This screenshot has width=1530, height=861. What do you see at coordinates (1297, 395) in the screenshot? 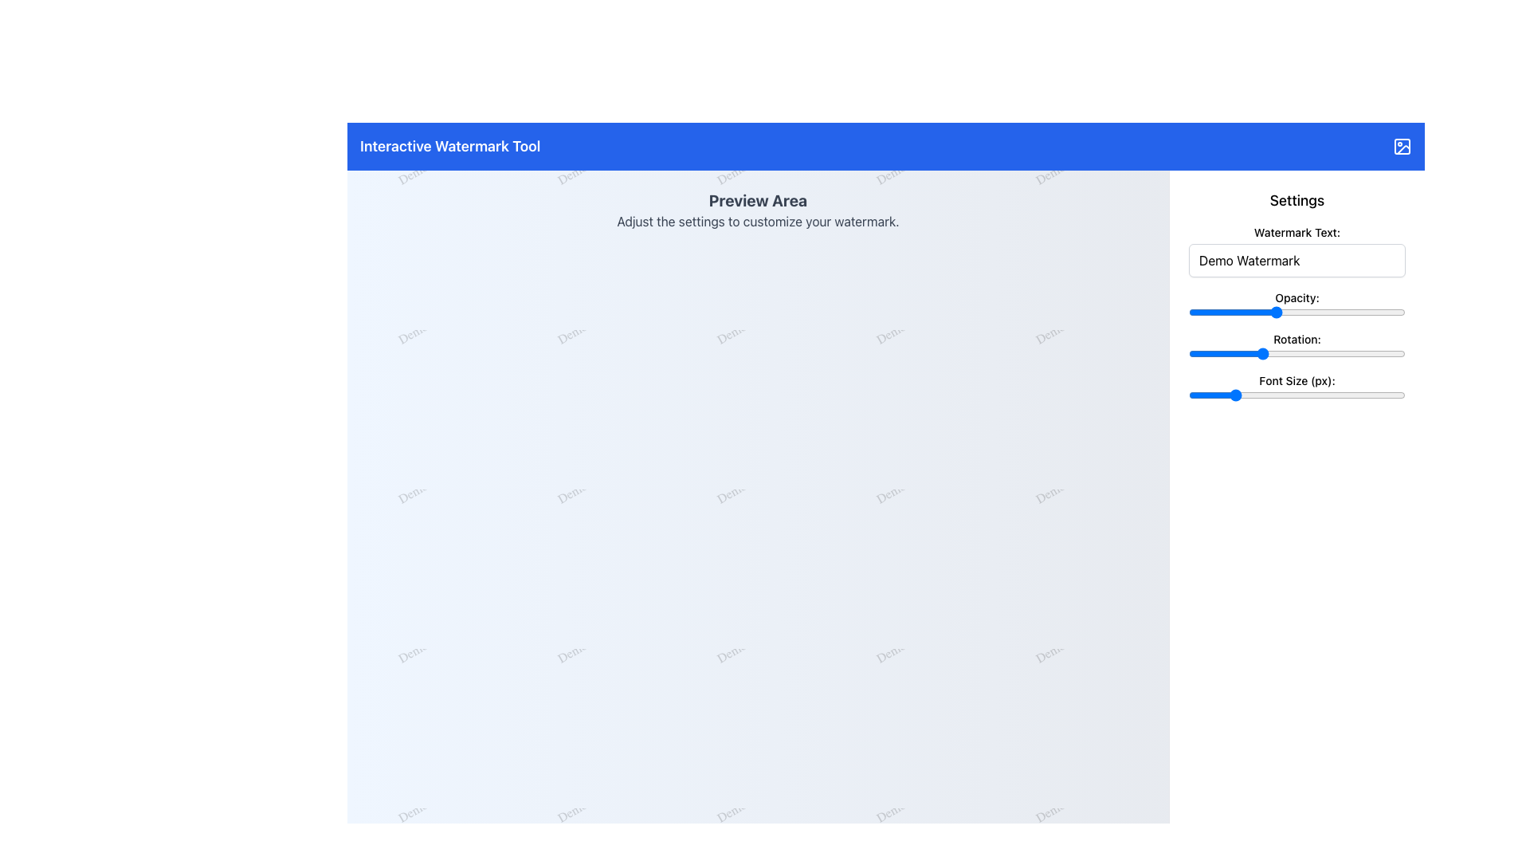
I see `font size` at bounding box center [1297, 395].